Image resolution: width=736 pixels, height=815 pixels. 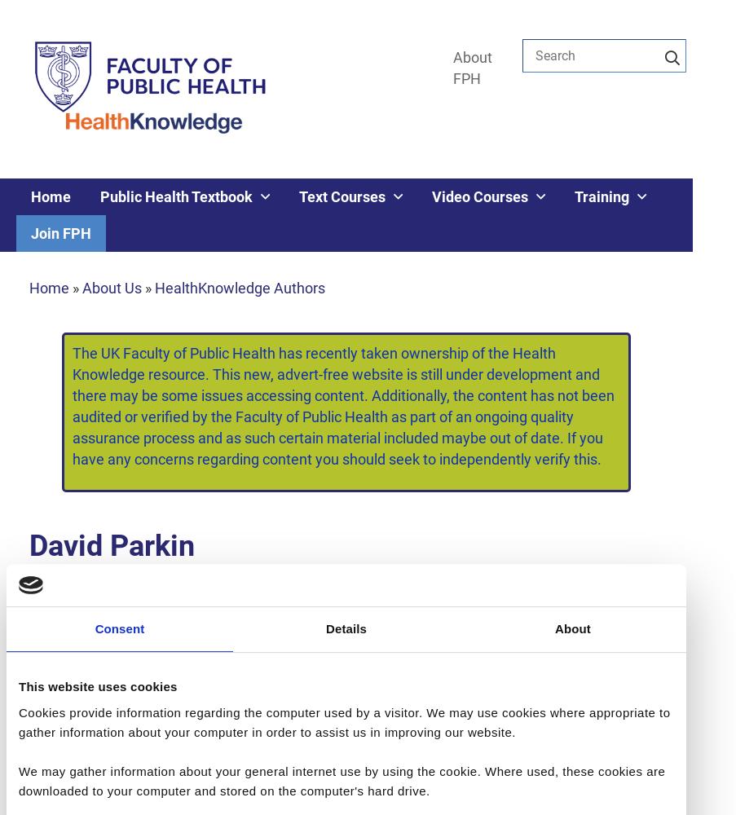 I want to click on 'Consent', so click(x=118, y=628).